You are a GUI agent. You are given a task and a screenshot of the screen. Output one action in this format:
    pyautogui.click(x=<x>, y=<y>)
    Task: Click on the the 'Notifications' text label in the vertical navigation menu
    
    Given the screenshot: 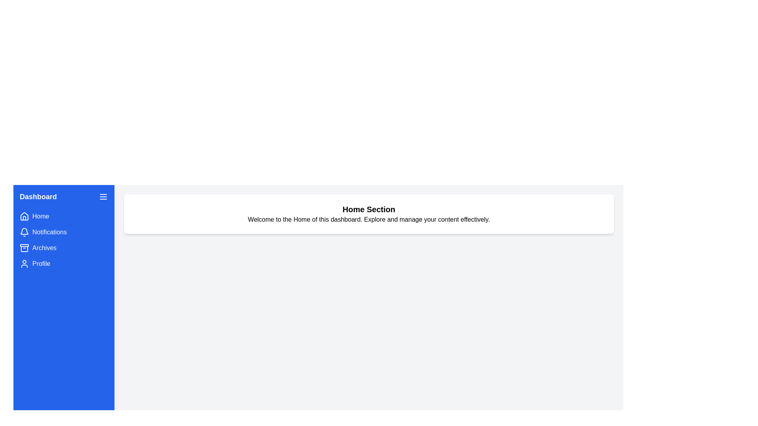 What is the action you would take?
    pyautogui.click(x=49, y=232)
    